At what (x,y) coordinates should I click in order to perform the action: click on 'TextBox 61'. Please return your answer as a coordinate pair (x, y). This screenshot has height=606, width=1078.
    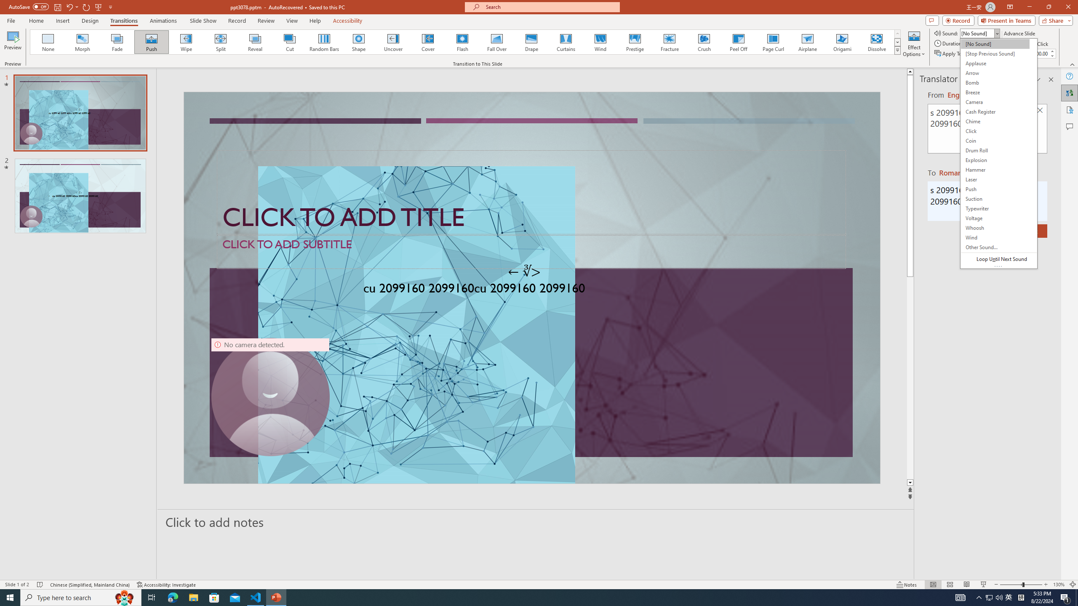
    Looking at the image, I should click on (530, 290).